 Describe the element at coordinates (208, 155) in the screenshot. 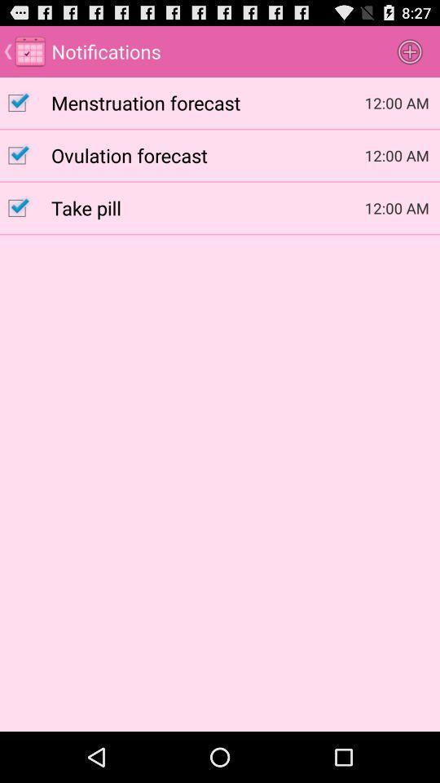

I see `the app to the left of 12:00 am` at that location.